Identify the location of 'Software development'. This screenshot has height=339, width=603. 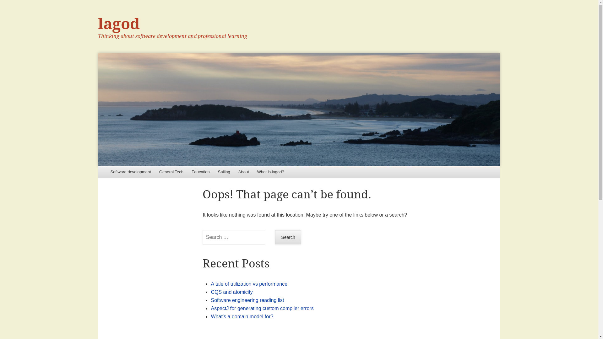
(130, 172).